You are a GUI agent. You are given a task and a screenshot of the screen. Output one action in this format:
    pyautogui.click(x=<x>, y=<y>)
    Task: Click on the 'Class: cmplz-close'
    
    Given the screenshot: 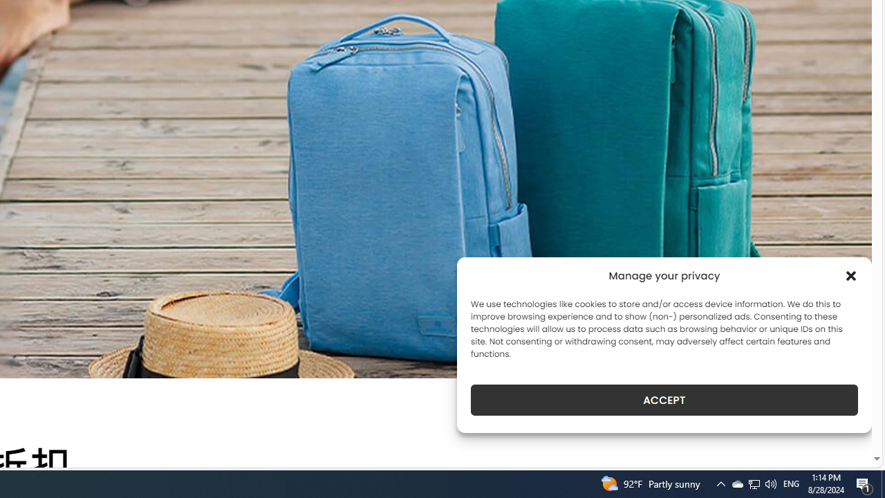 What is the action you would take?
    pyautogui.click(x=850, y=275)
    